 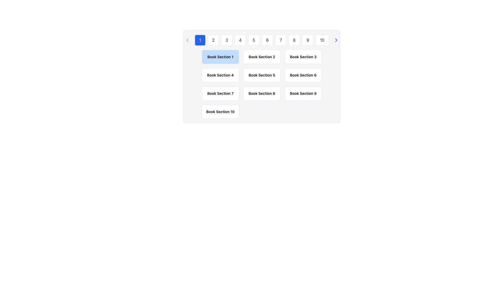 What do you see at coordinates (220, 111) in the screenshot?
I see `the 'Book Section 10' card` at bounding box center [220, 111].